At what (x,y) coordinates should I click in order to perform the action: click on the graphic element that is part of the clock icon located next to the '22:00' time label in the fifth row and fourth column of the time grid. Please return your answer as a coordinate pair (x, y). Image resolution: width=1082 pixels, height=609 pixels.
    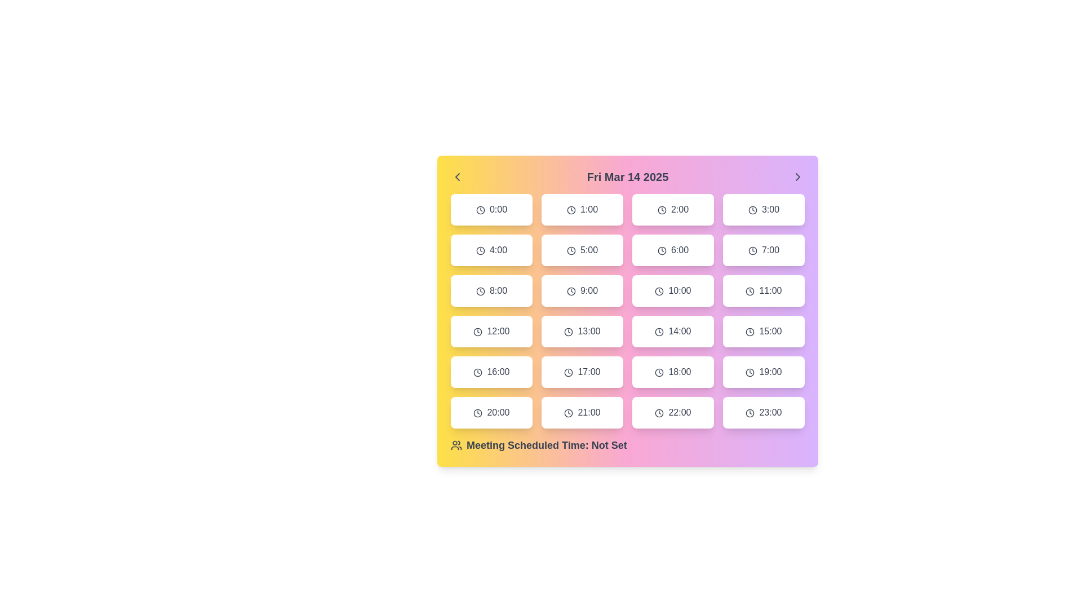
    Looking at the image, I should click on (659, 413).